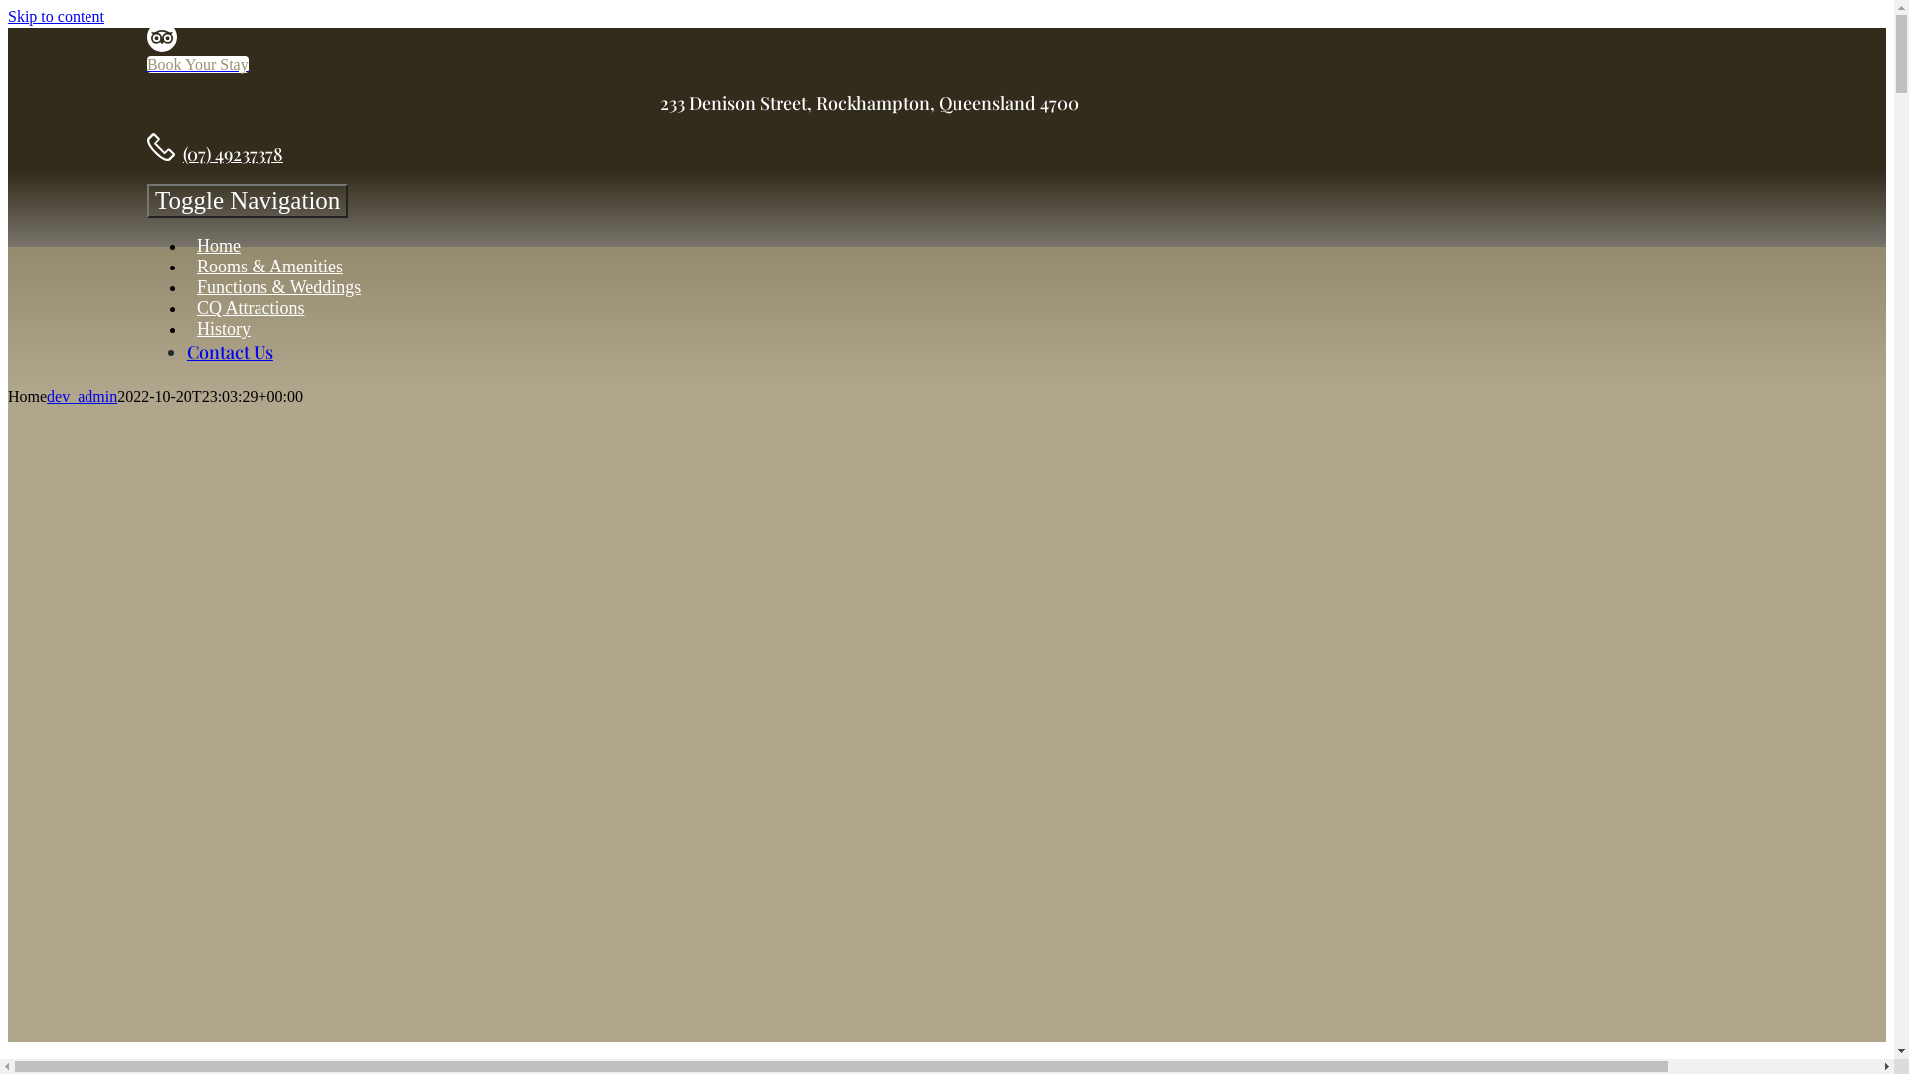 The height and width of the screenshot is (1074, 1909). I want to click on 'Toggle Navigation', so click(247, 200).